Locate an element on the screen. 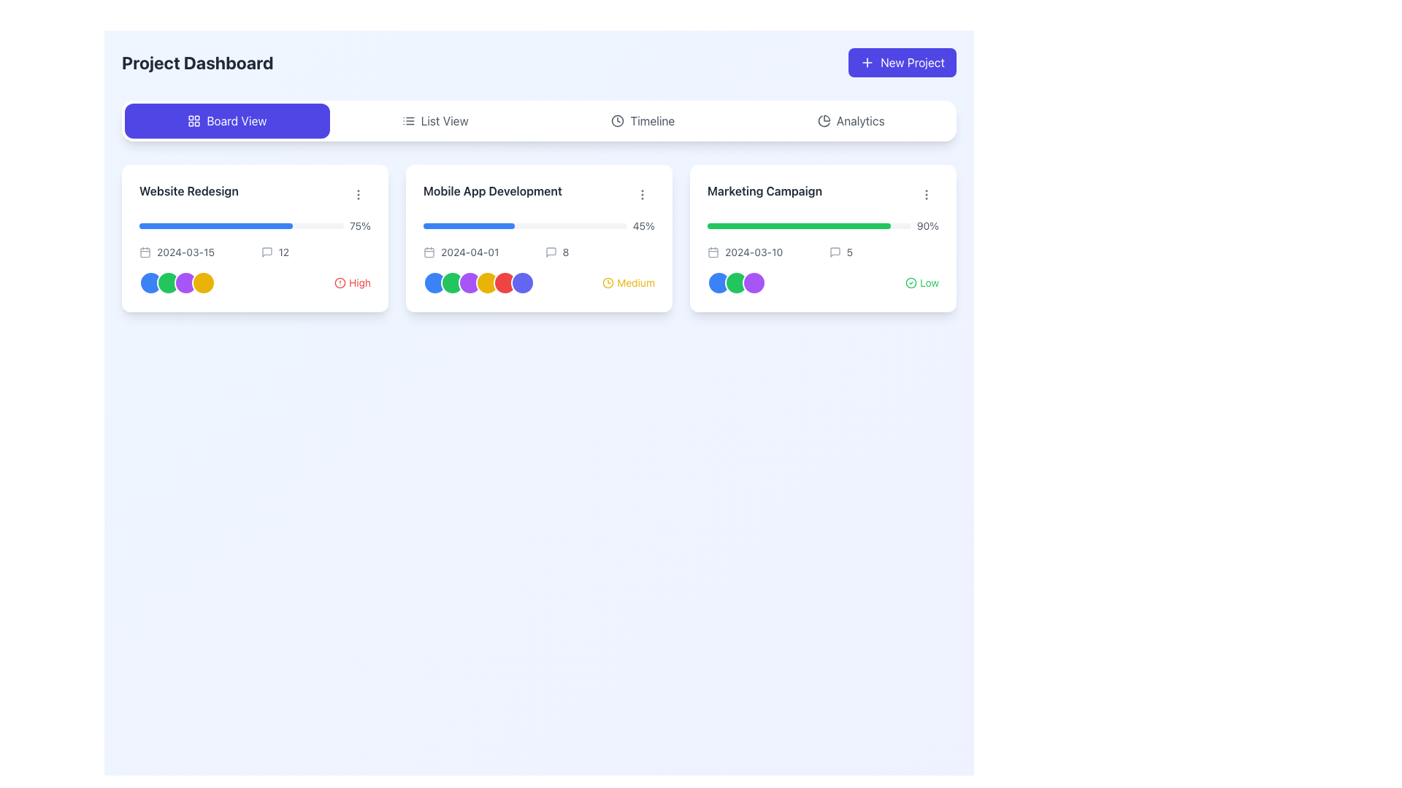 The width and height of the screenshot is (1402, 788). the second green circular badge with a white border located at the bottom of the 'Mobile App Development' card is located at coordinates (451, 283).